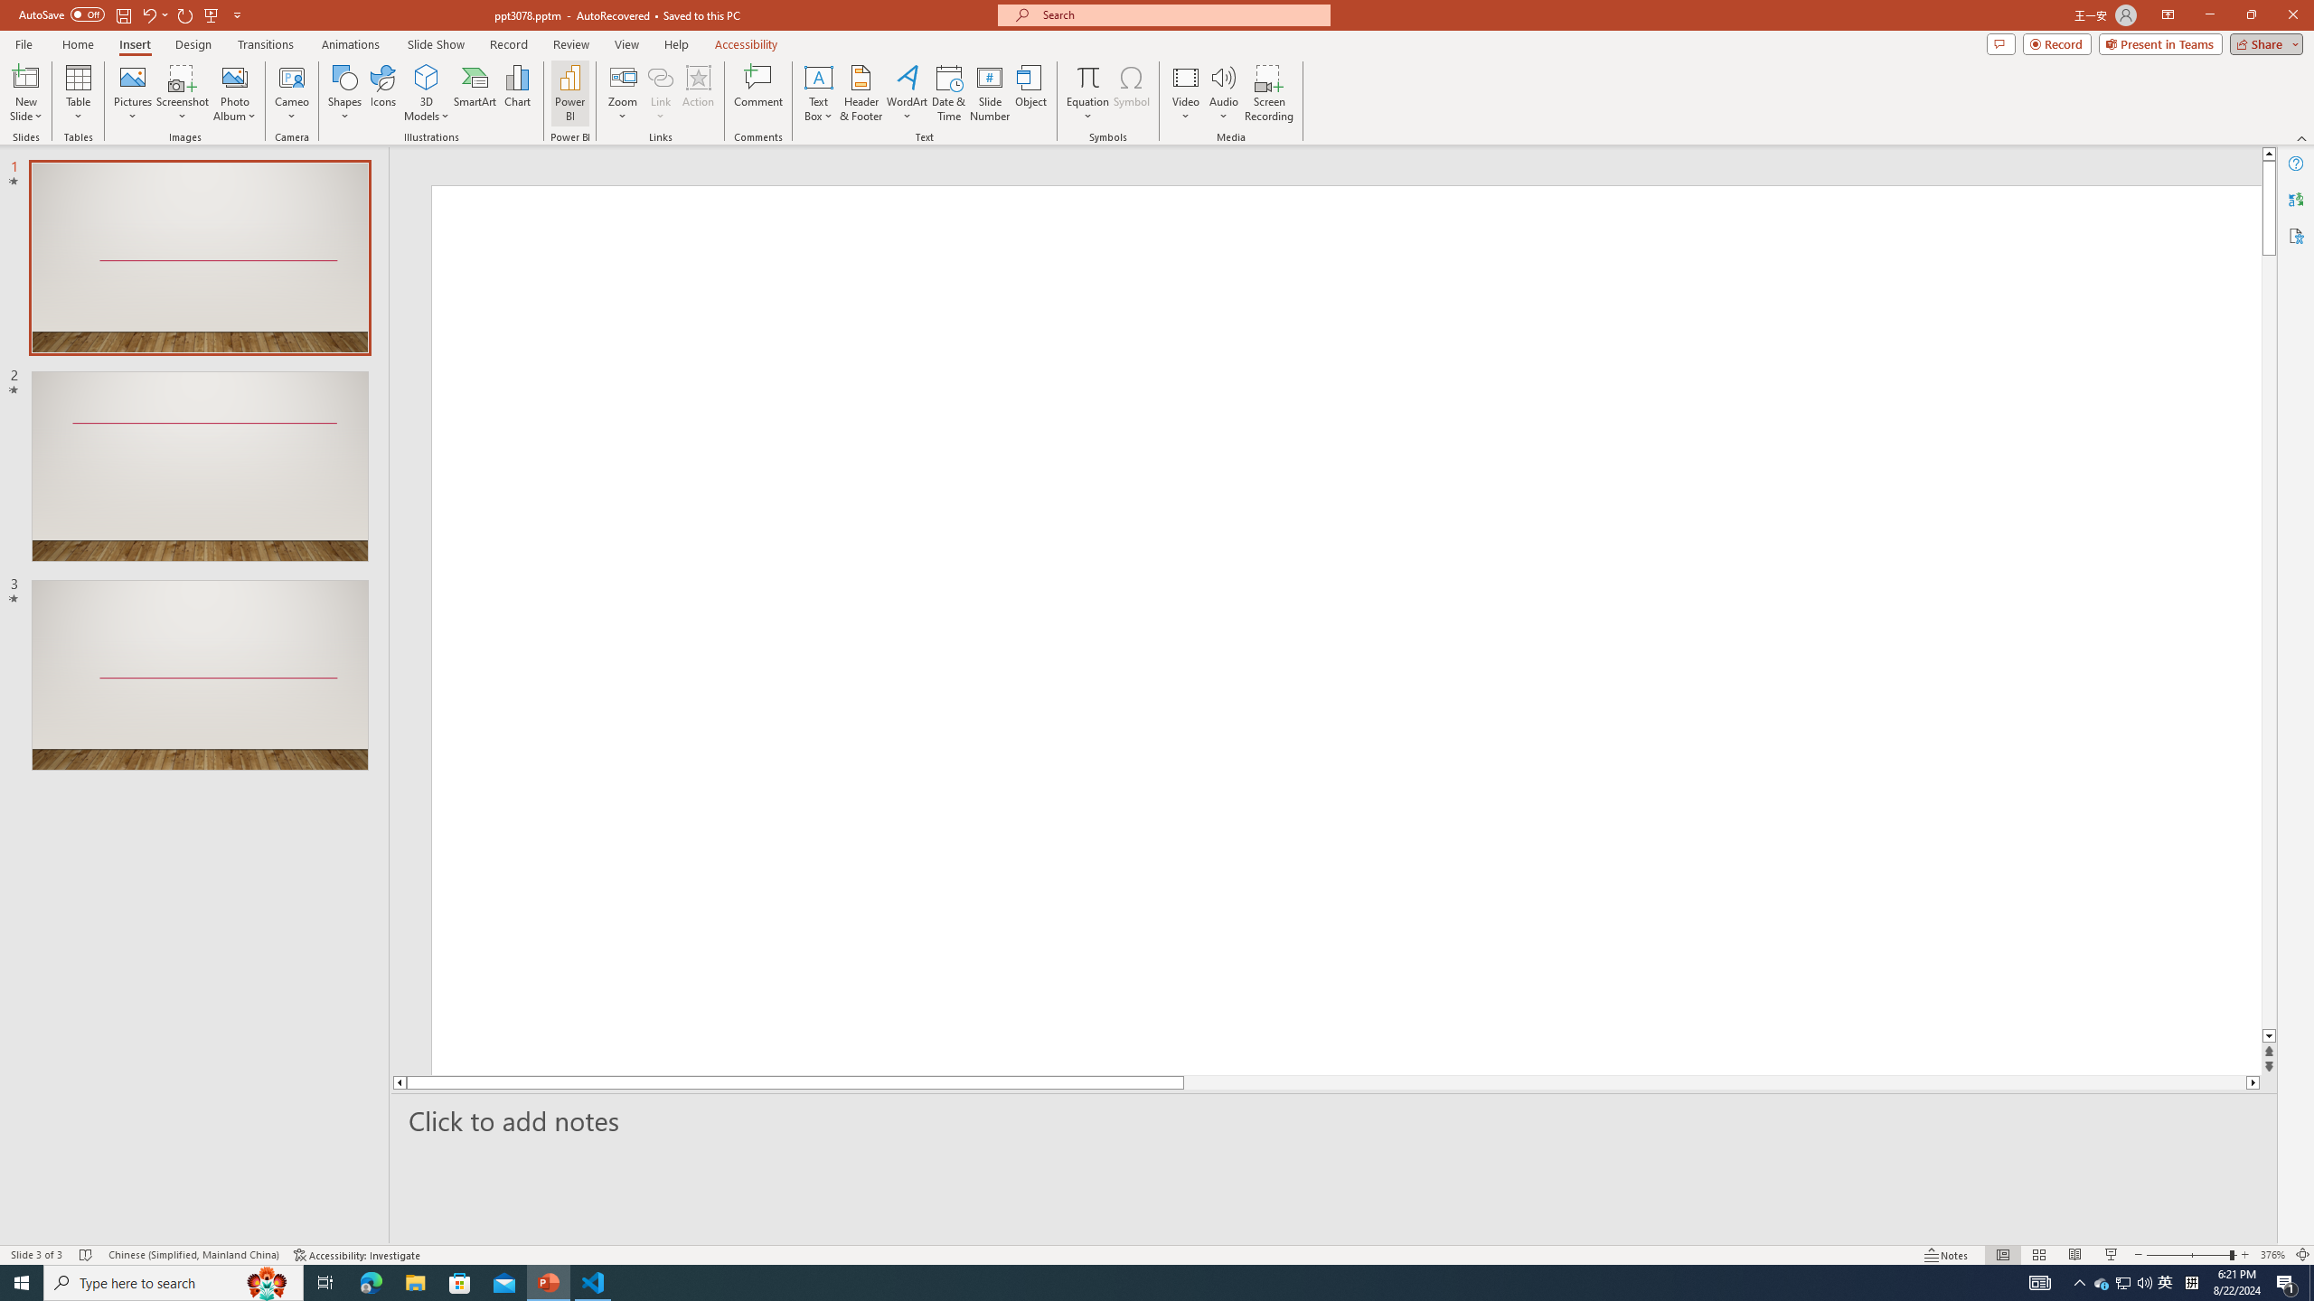  I want to click on '3D Models', so click(427, 93).